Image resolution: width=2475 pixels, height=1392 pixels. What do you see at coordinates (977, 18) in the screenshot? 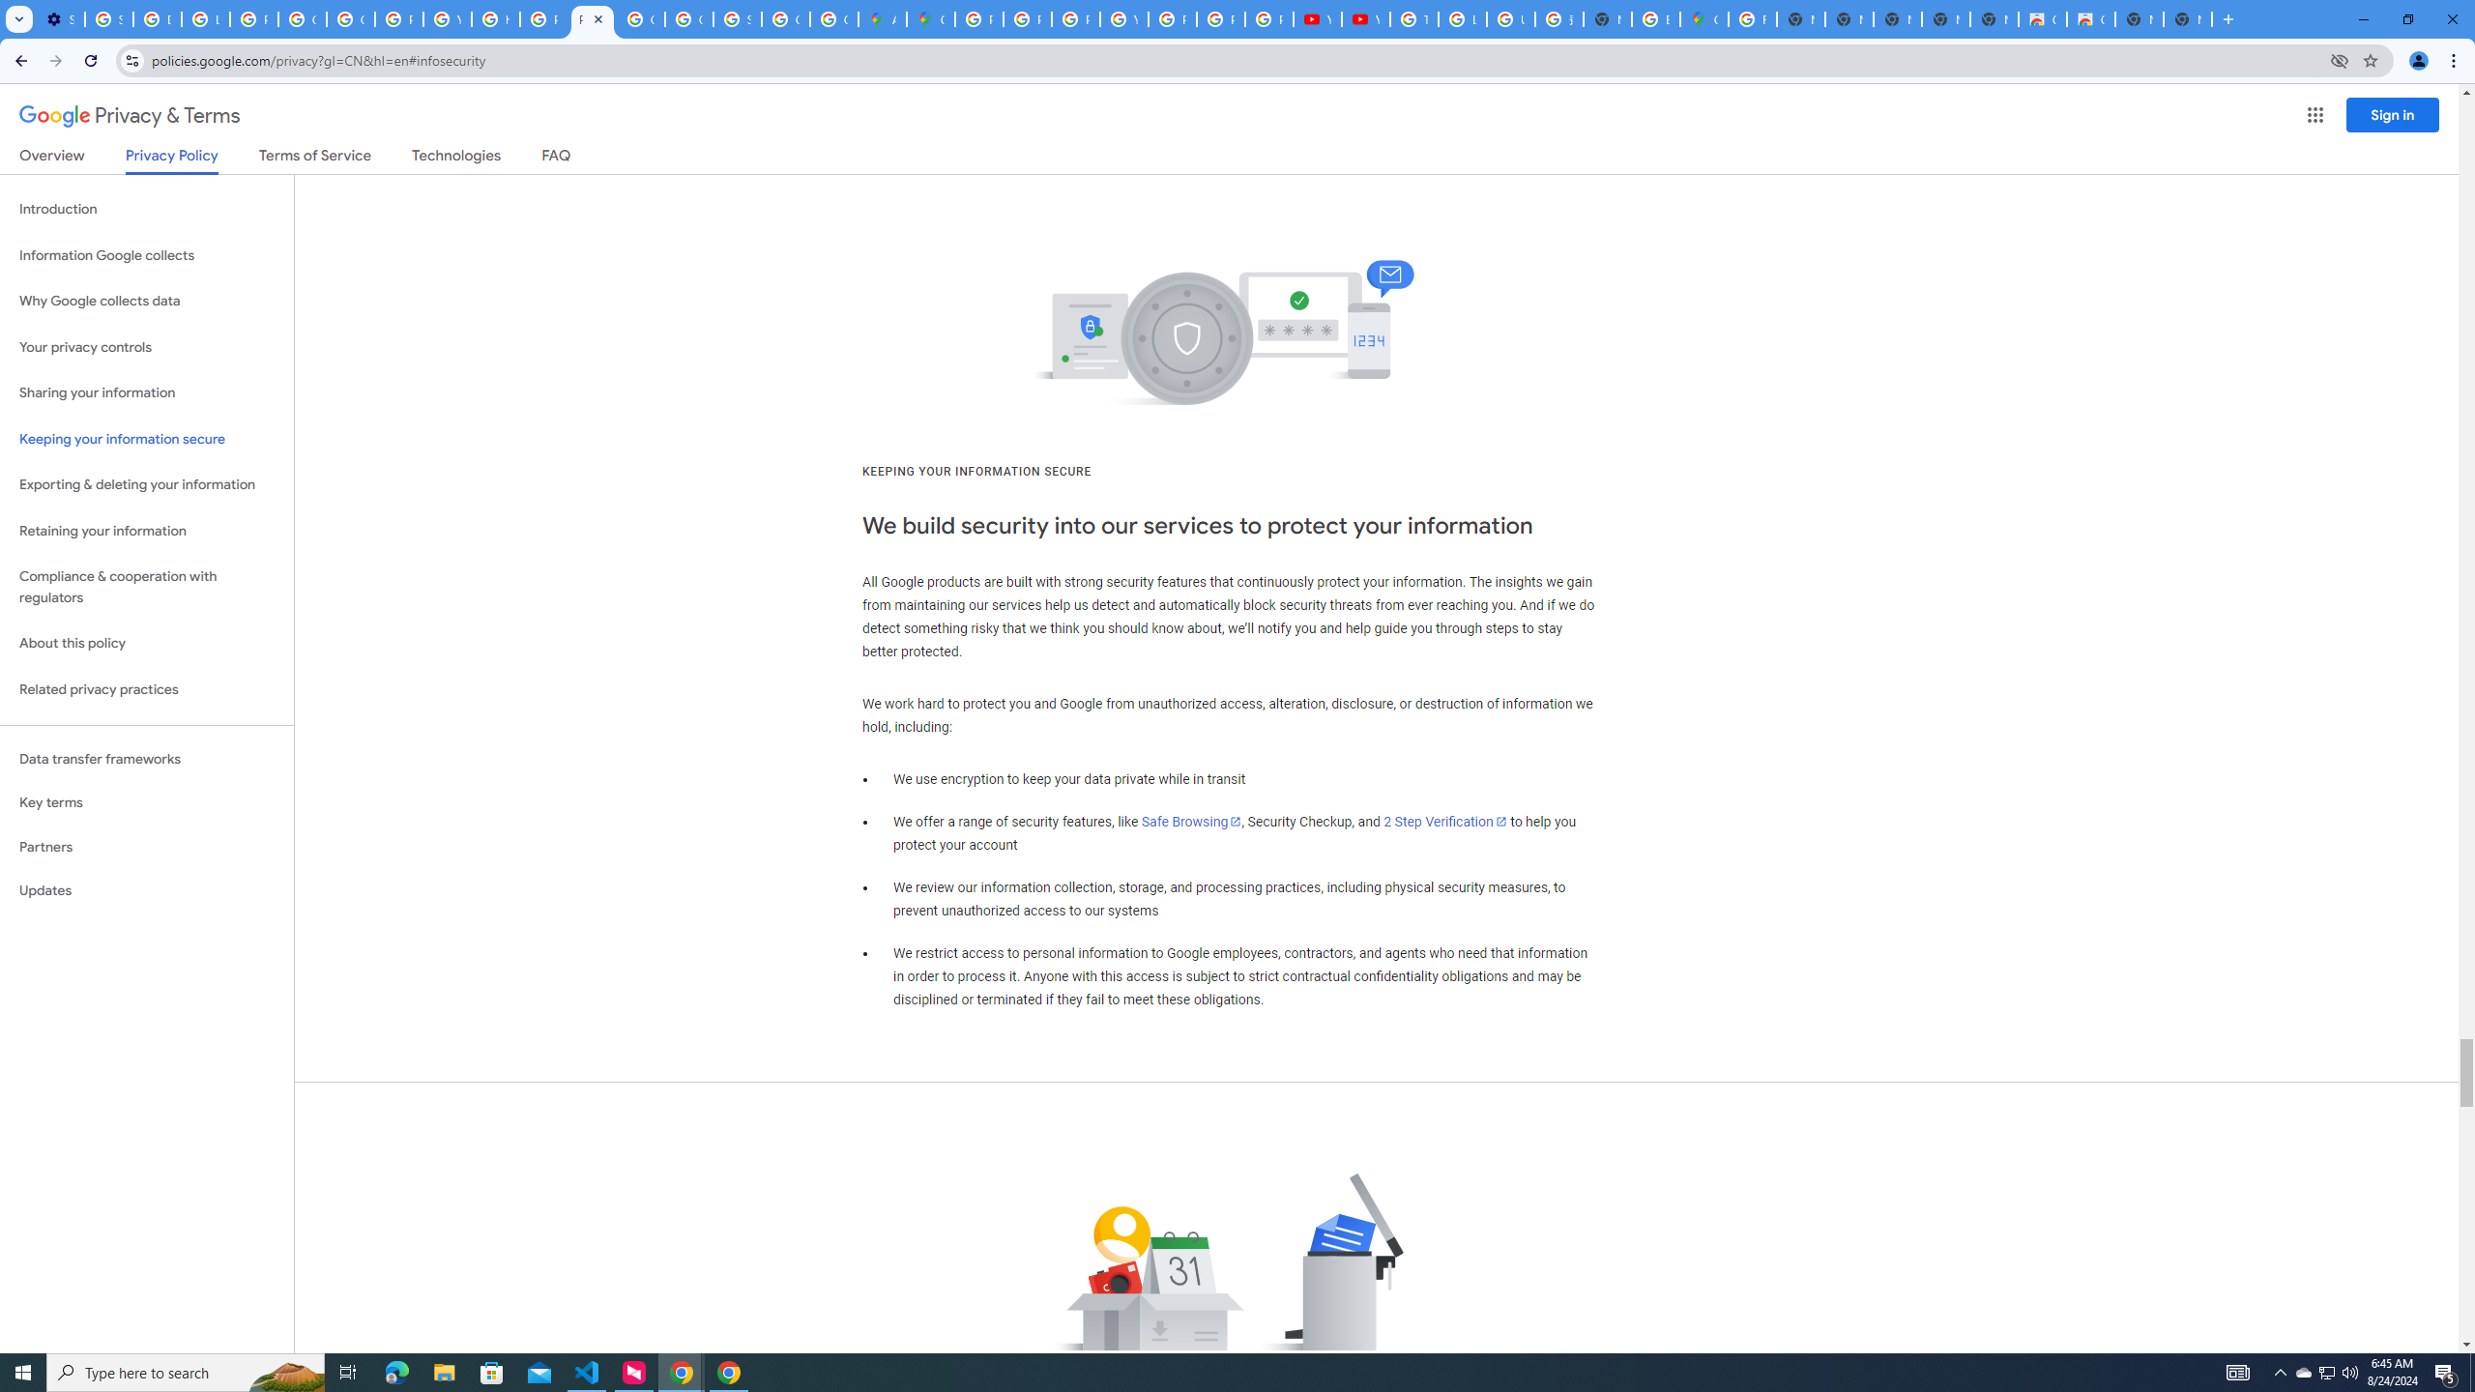
I see `'Policy Accountability and Transparency - Transparency Center'` at bounding box center [977, 18].